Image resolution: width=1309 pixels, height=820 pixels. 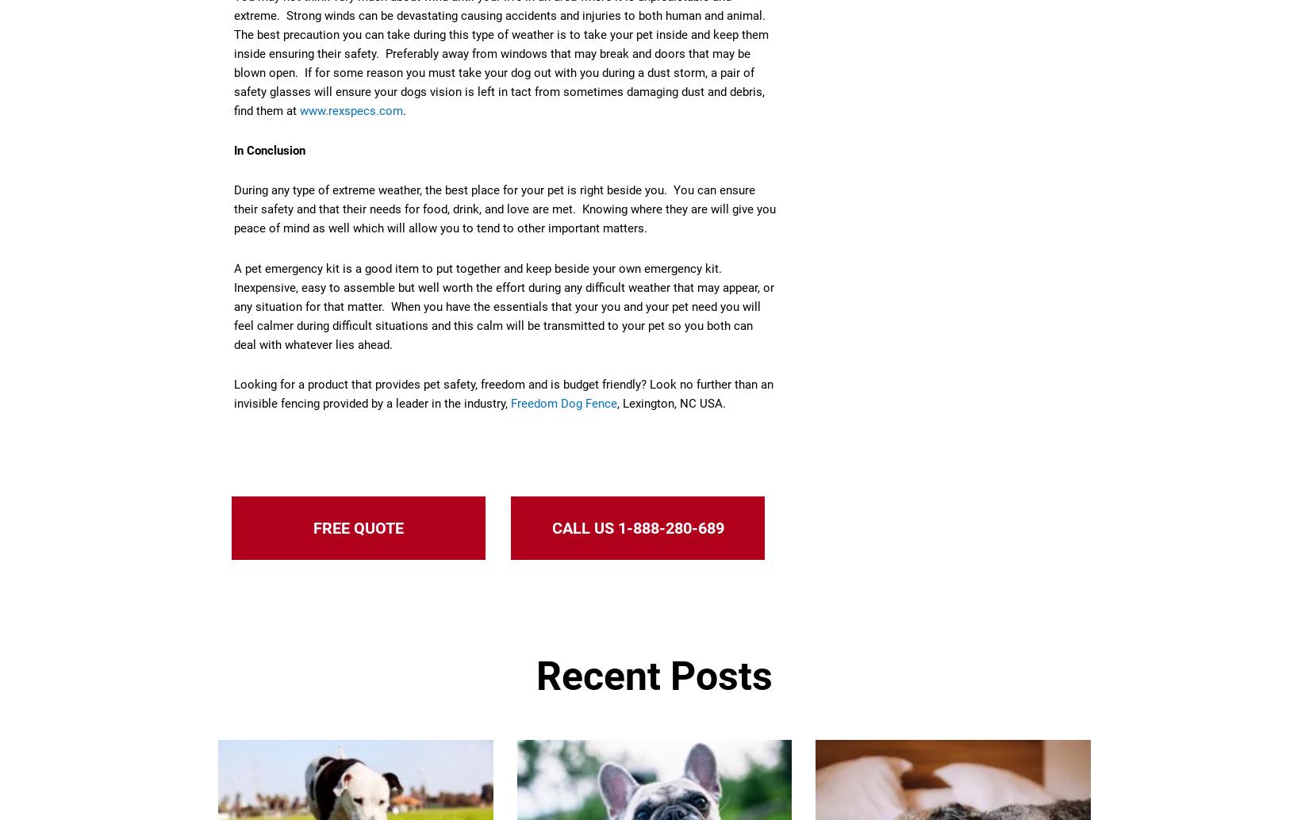 I want to click on 'Freedom Dog Fence', so click(x=562, y=402).